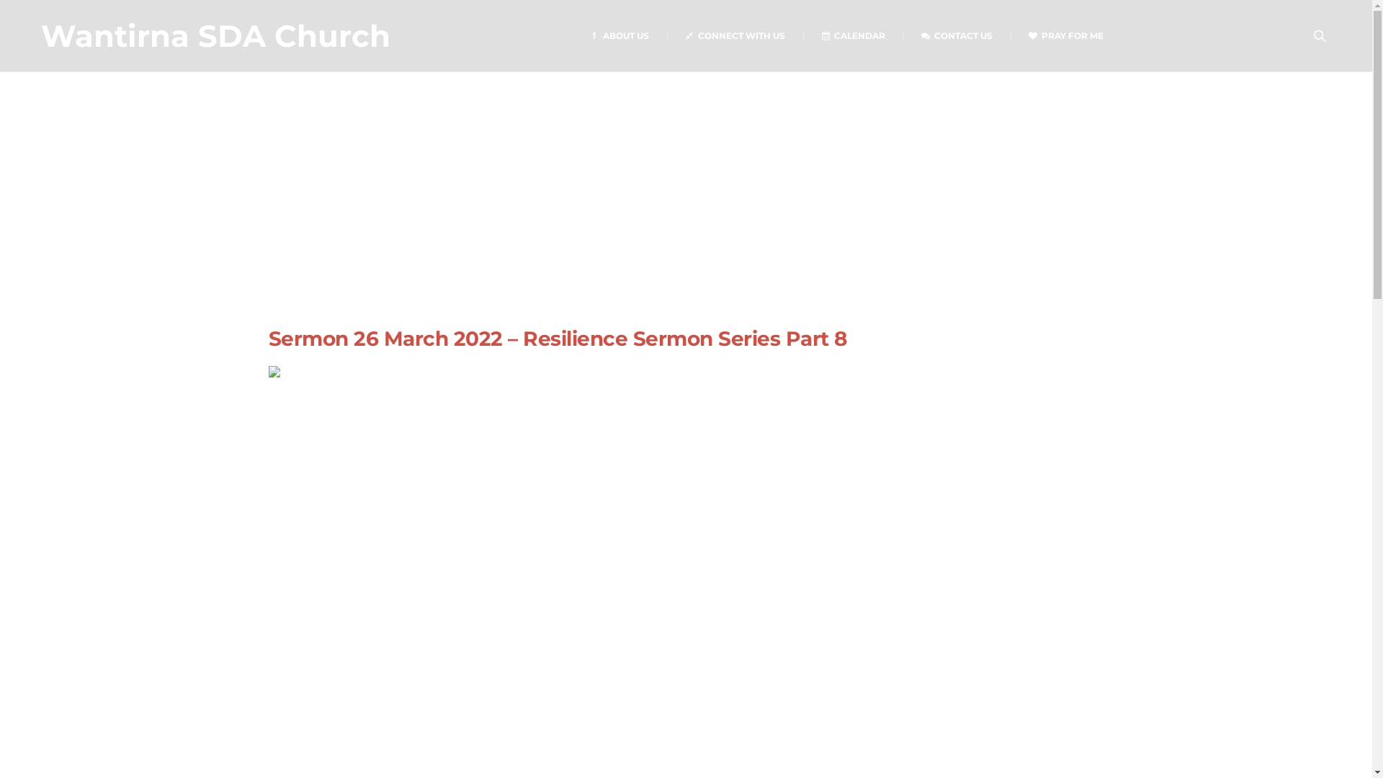 The image size is (1383, 778). What do you see at coordinates (619, 35) in the screenshot?
I see `'ABOUT US'` at bounding box center [619, 35].